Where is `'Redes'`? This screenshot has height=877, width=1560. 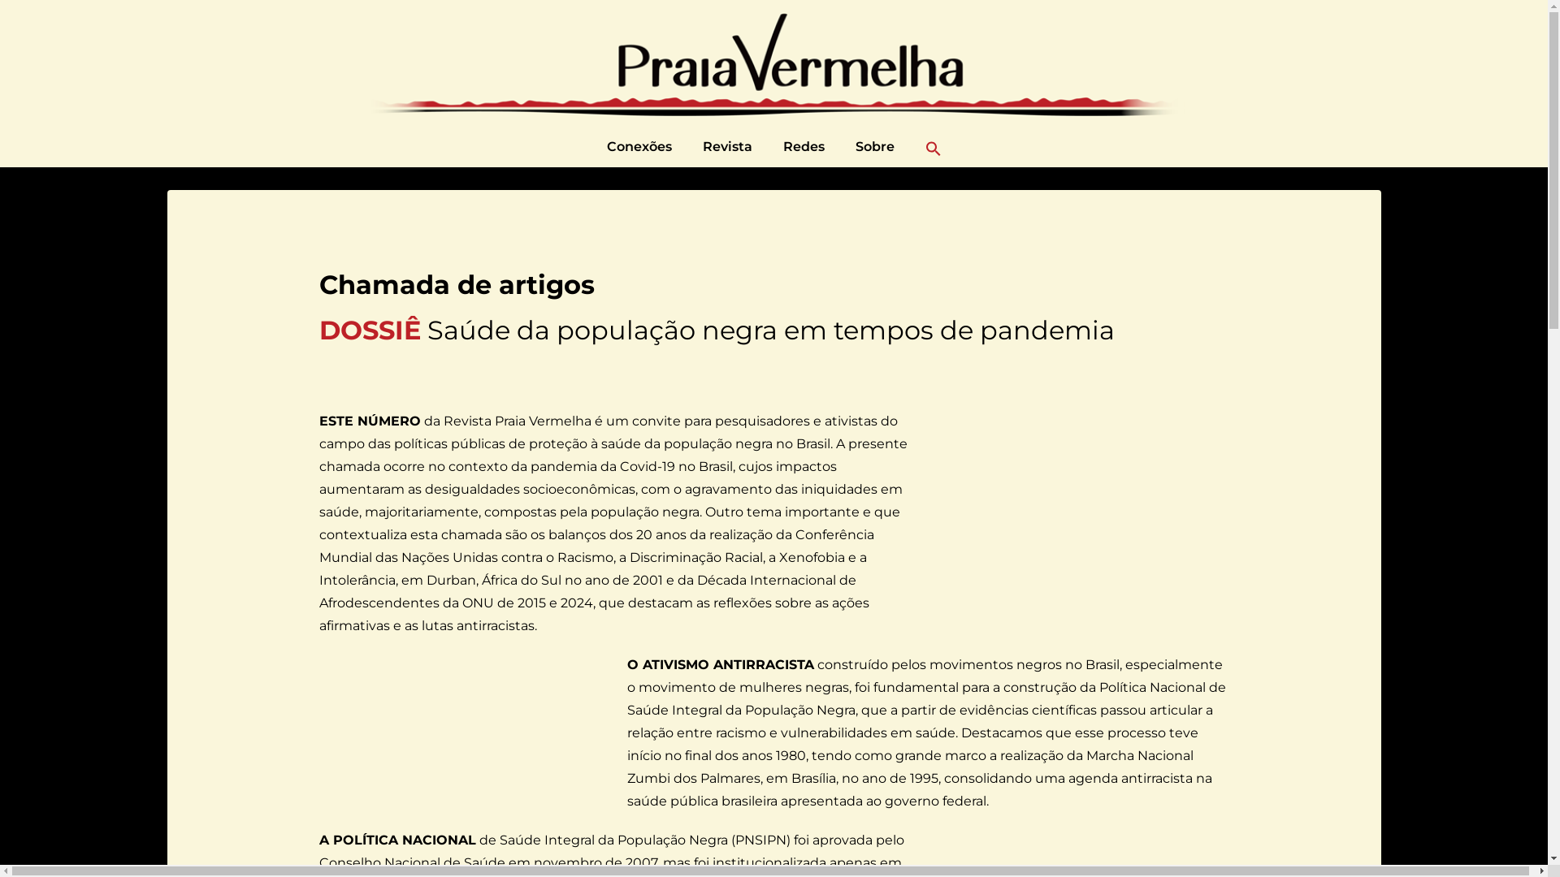 'Redes' is located at coordinates (804, 147).